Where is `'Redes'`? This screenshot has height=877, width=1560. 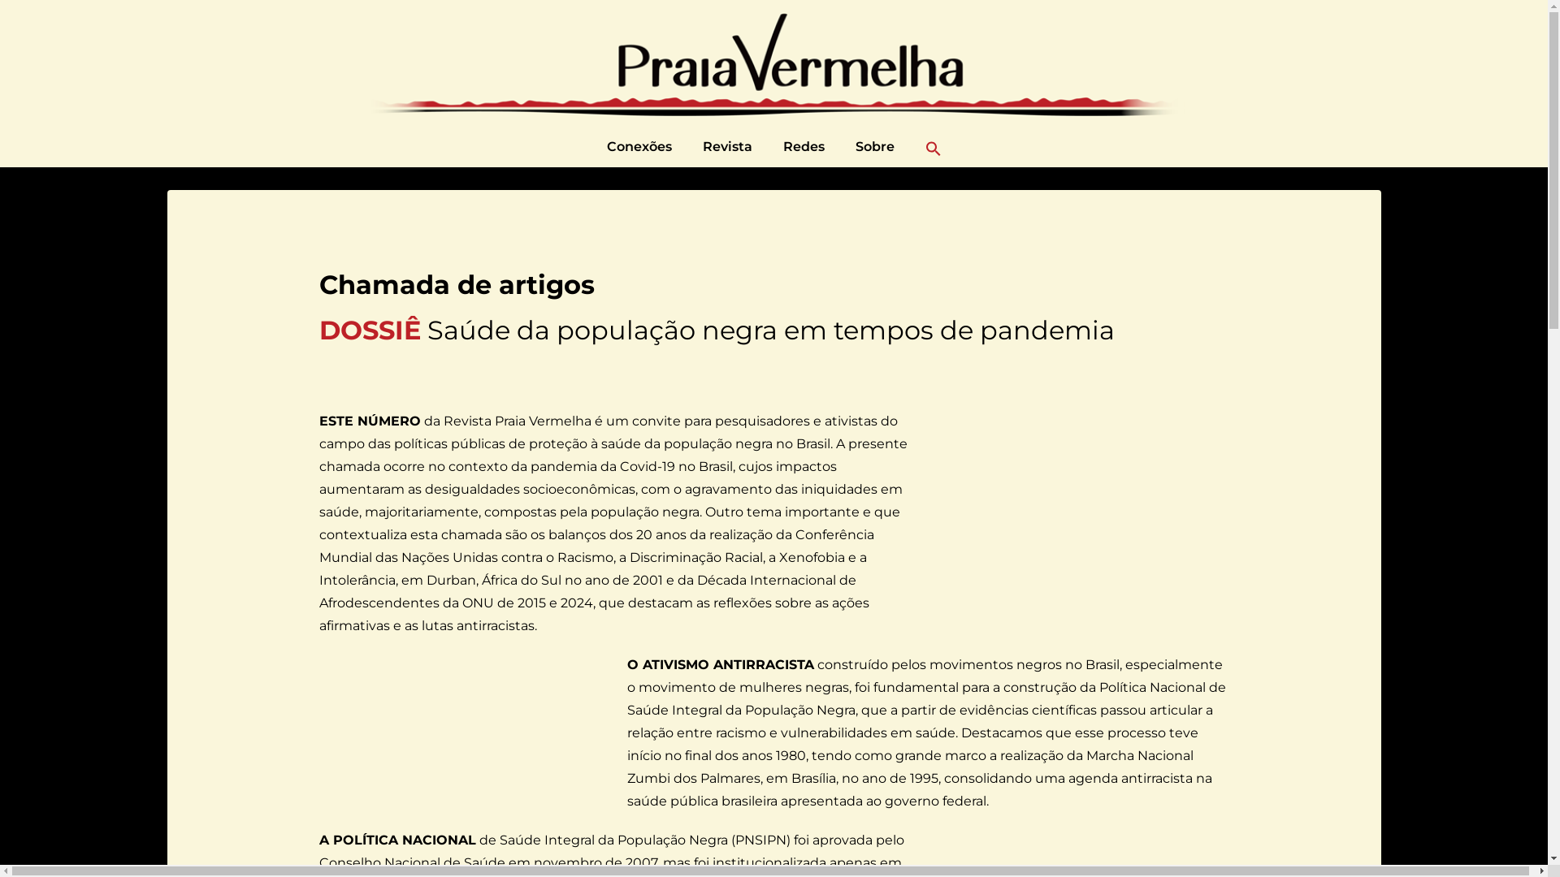 'Redes' is located at coordinates (804, 147).